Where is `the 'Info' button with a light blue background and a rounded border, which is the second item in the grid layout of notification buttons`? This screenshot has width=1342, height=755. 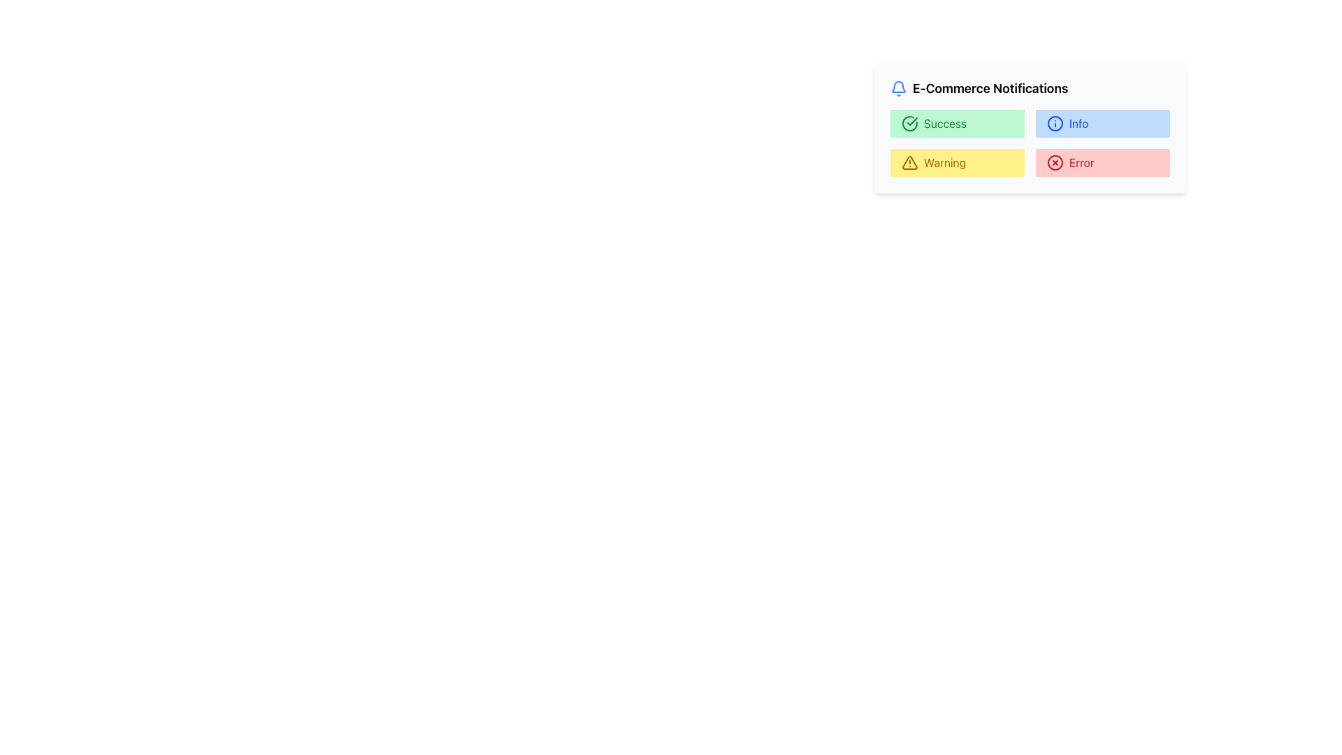 the 'Info' button with a light blue background and a rounded border, which is the second item in the grid layout of notification buttons is located at coordinates (1102, 123).